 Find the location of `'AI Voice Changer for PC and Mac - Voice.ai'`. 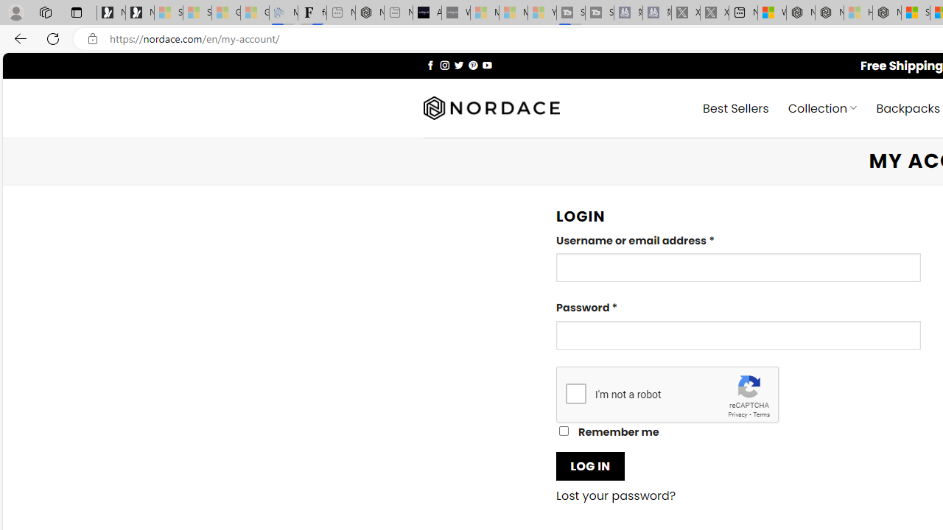

'AI Voice Changer for PC and Mac - Voice.ai' is located at coordinates (426, 13).